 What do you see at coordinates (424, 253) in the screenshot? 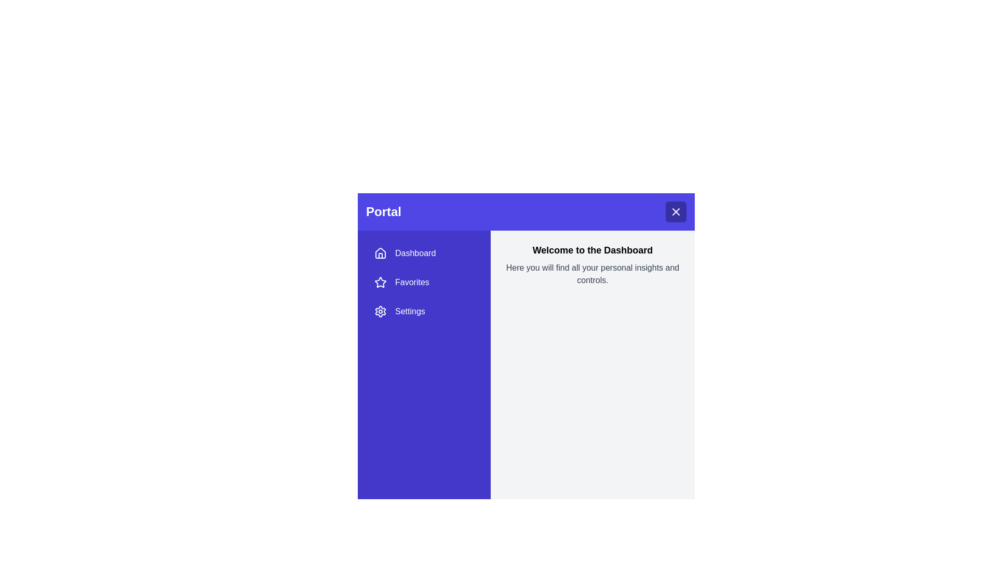
I see `the 'Dashboard' navigation item, which is the first item in the vertical list on the left sidebar` at bounding box center [424, 253].